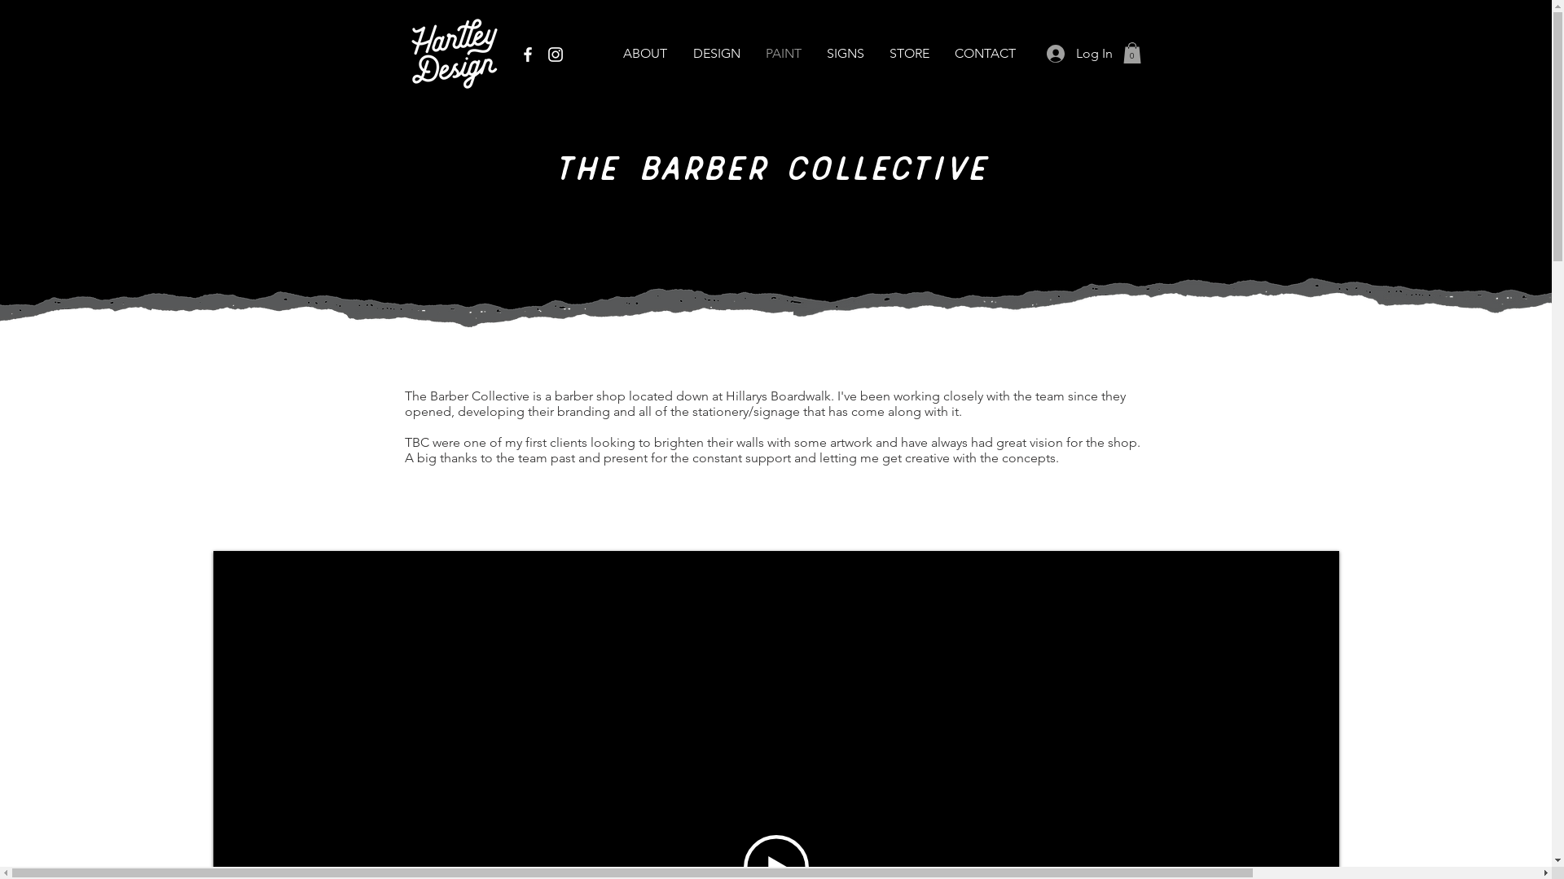  What do you see at coordinates (984, 52) in the screenshot?
I see `'CONTACT'` at bounding box center [984, 52].